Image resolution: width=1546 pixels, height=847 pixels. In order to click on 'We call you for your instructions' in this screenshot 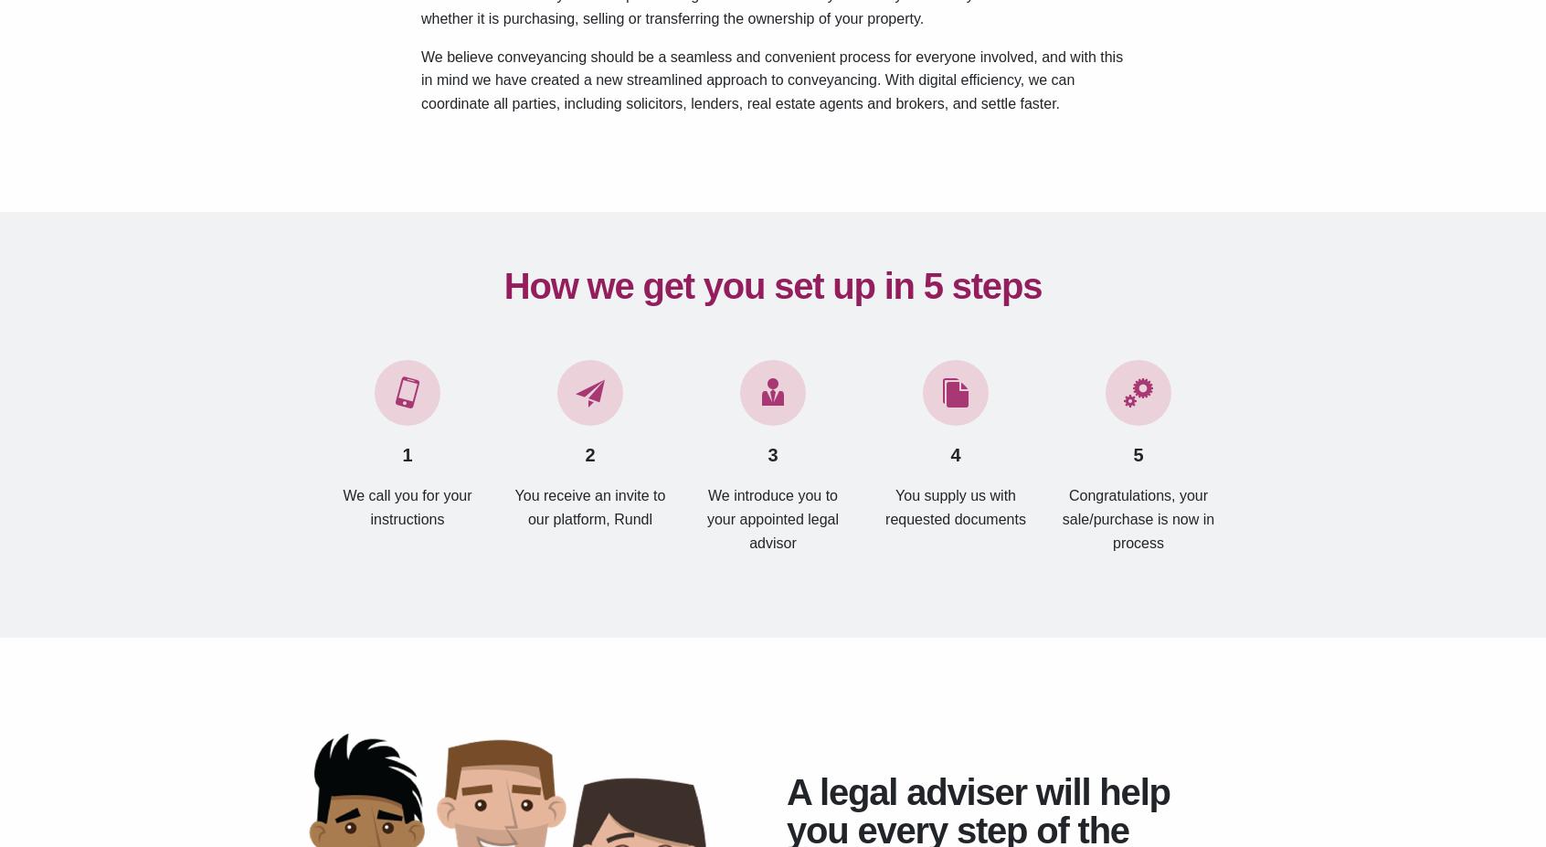, I will do `click(406, 506)`.